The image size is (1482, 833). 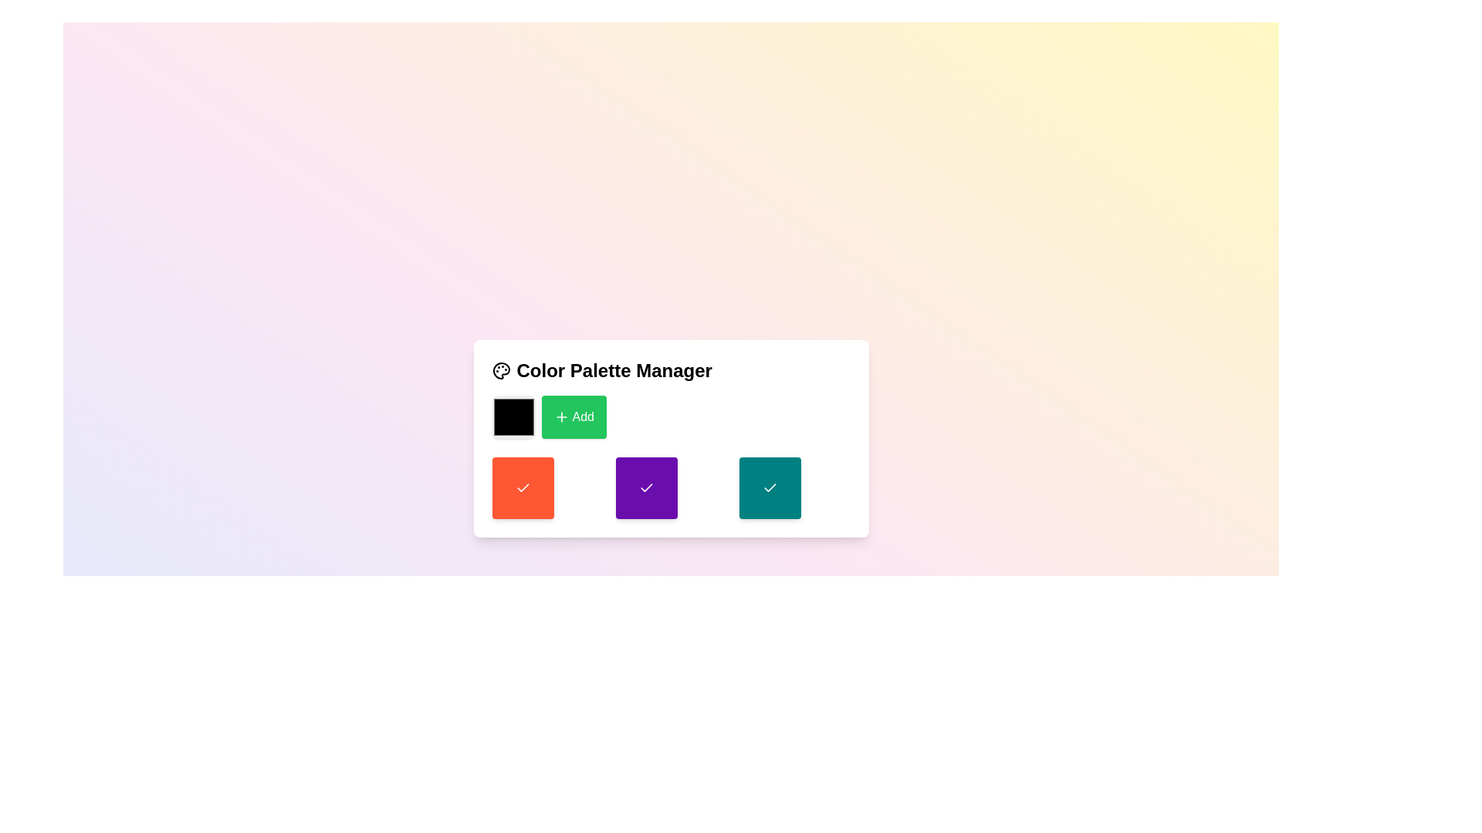 I want to click on the addition icon located within the 'Color Palette Manager' button, which is positioned between a black square and the text 'Add', so click(x=560, y=416).